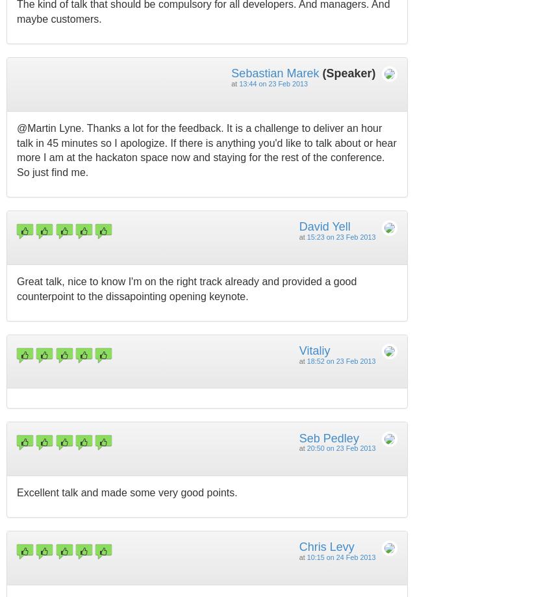 The image size is (552, 597). Describe the element at coordinates (298, 546) in the screenshot. I see `'Chris Levy'` at that location.